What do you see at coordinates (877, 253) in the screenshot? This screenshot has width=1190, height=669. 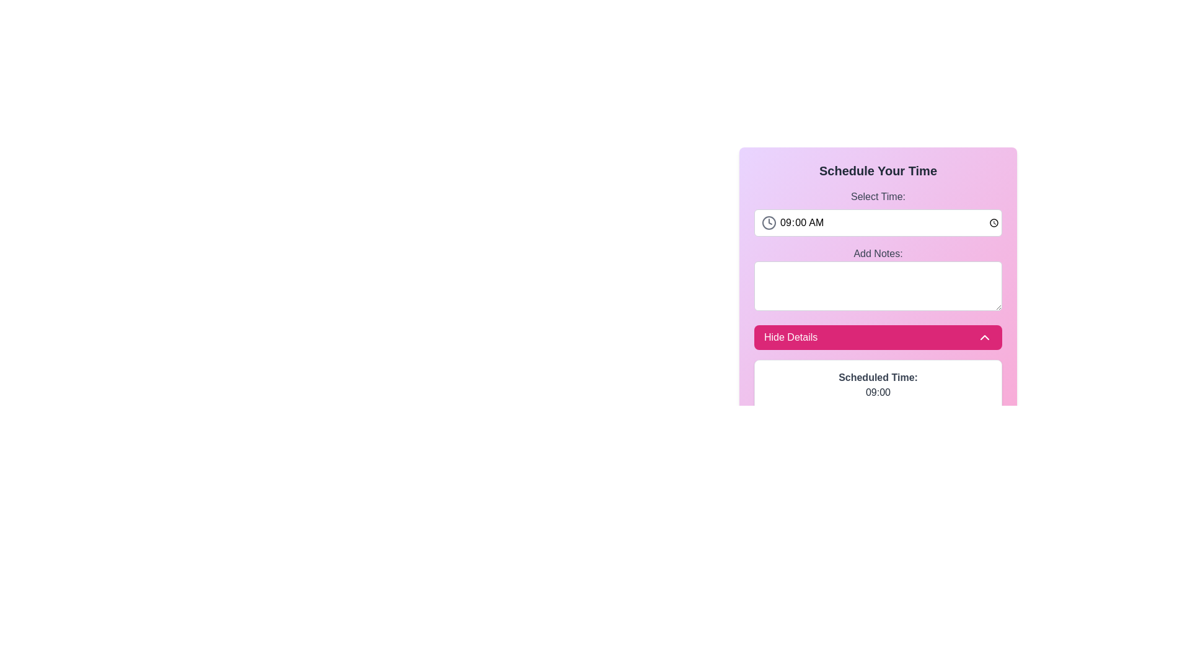 I see `the text label element displaying 'Add Notes:'` at bounding box center [877, 253].